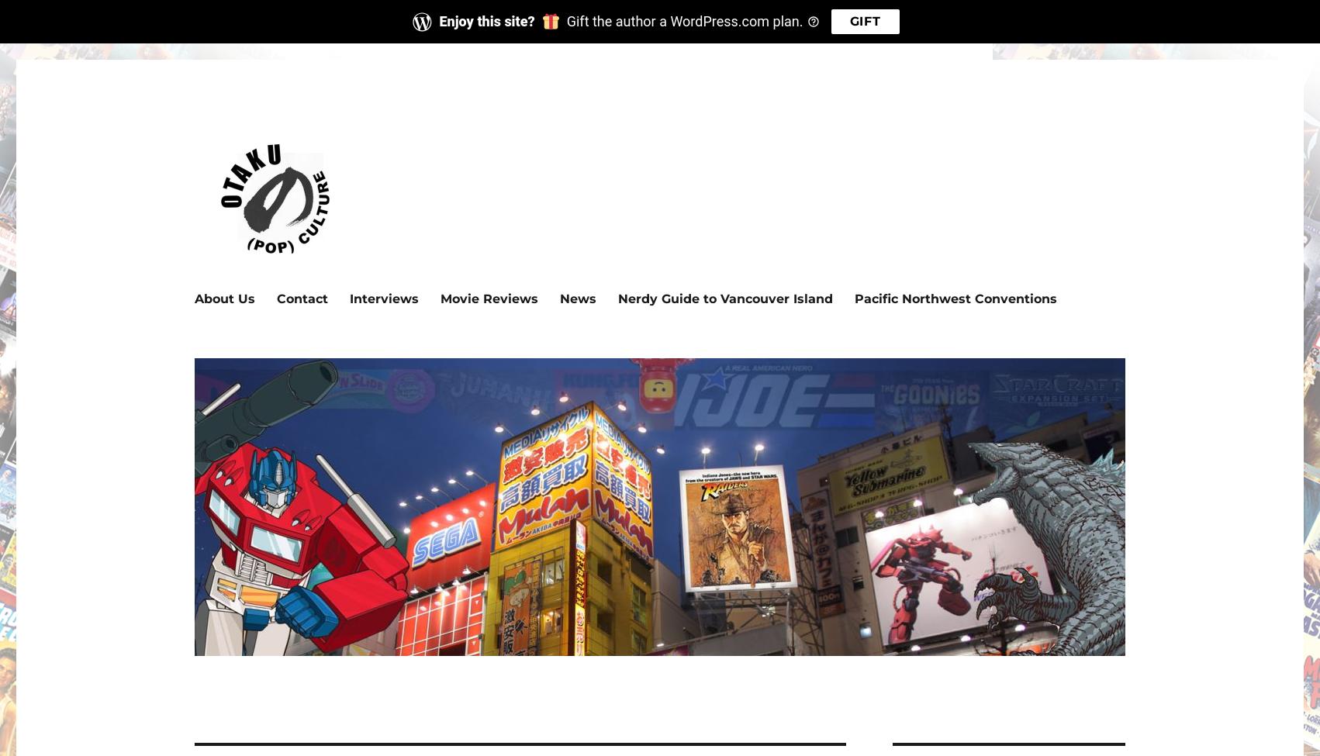  Describe the element at coordinates (302, 297) in the screenshot. I see `'Contact'` at that location.